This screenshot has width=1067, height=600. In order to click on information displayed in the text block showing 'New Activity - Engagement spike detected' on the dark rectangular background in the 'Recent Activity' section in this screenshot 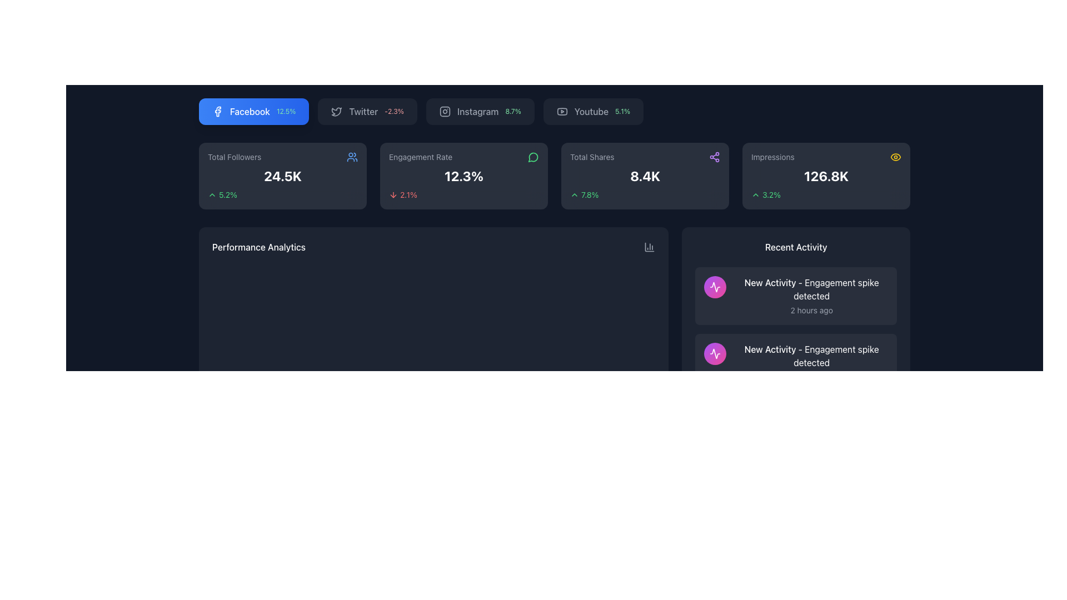, I will do `click(811, 295)`.